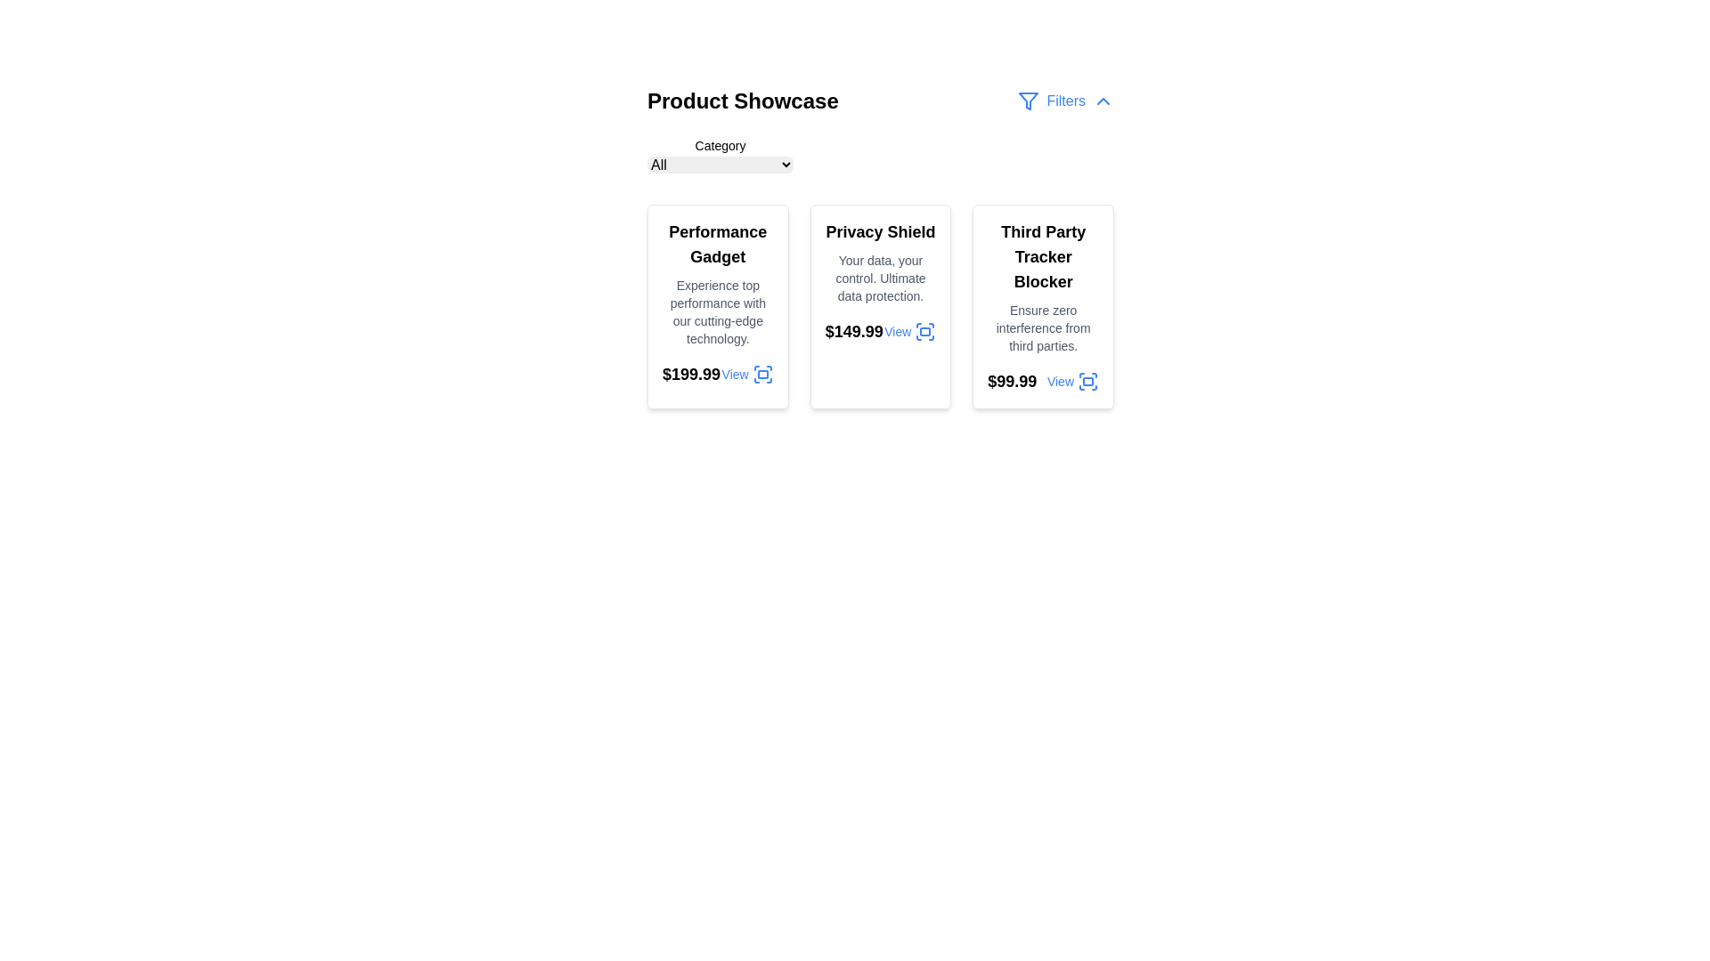  What do you see at coordinates (747, 373) in the screenshot?
I see `the 'View' link located immediately to the right of the price '$199.99' in the bottom section of the first product card` at bounding box center [747, 373].